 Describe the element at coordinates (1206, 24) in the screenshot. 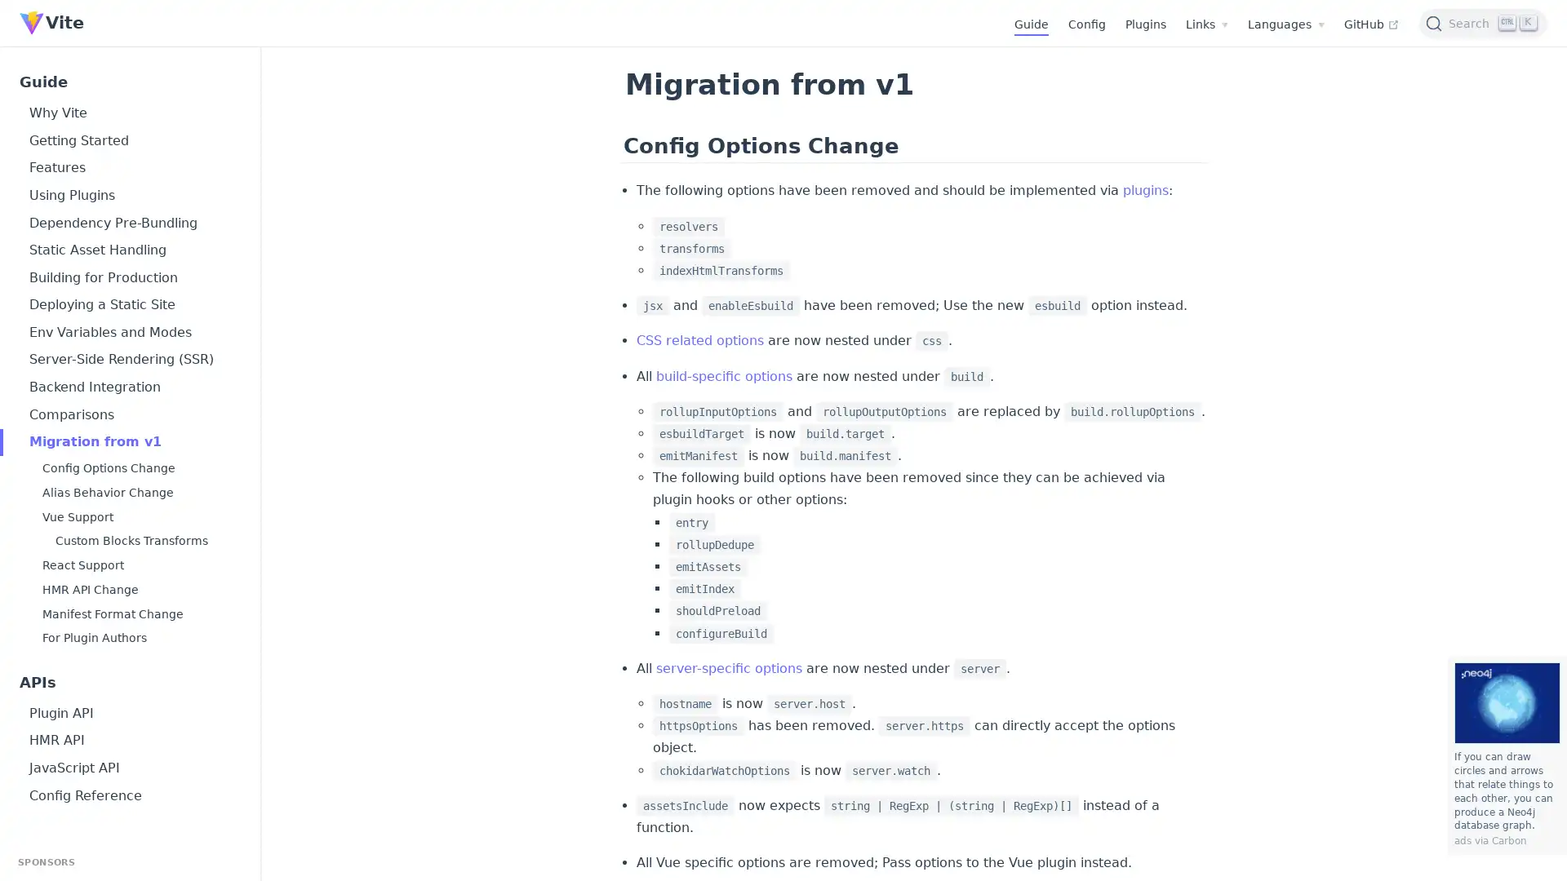

I see `Links` at that location.